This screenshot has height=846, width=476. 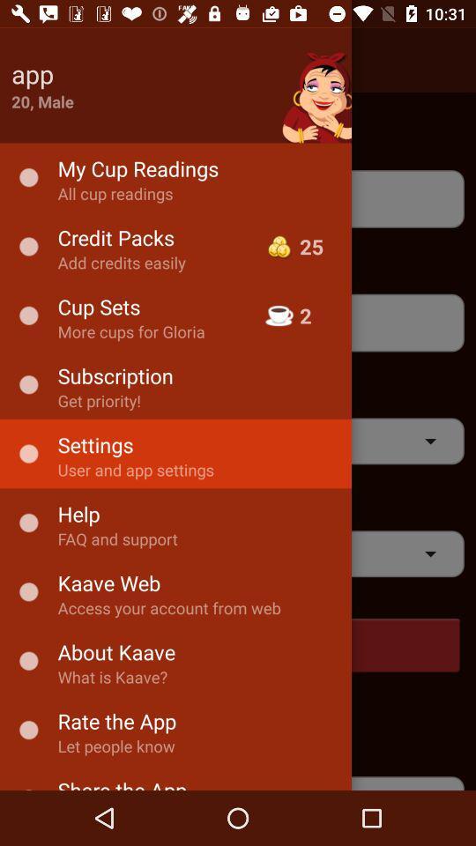 What do you see at coordinates (27, 592) in the screenshot?
I see `the dot option to the left of kaave web text` at bounding box center [27, 592].